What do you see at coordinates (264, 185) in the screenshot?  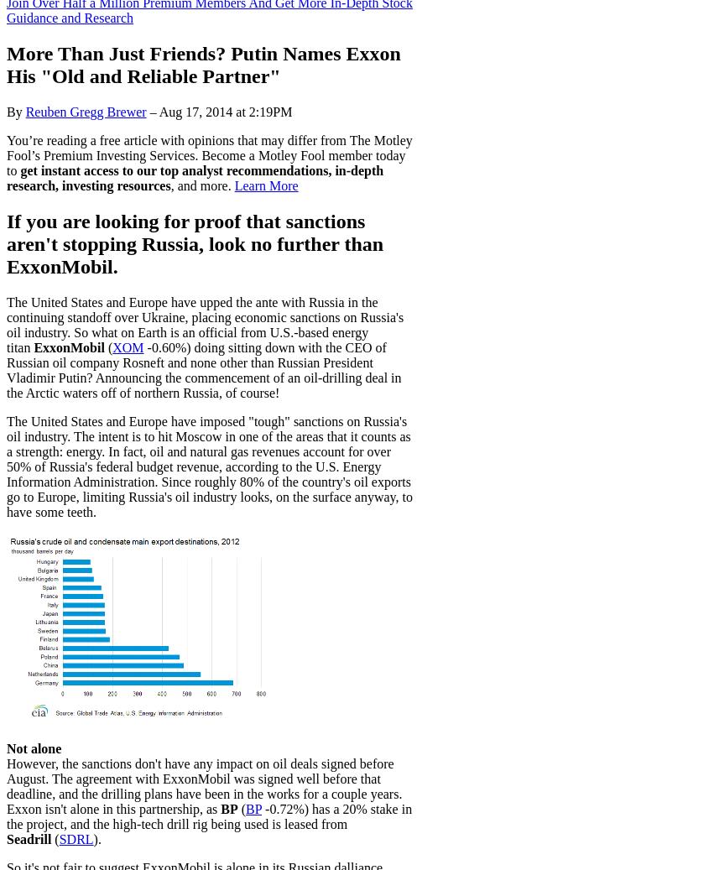 I see `'Learn More'` at bounding box center [264, 185].